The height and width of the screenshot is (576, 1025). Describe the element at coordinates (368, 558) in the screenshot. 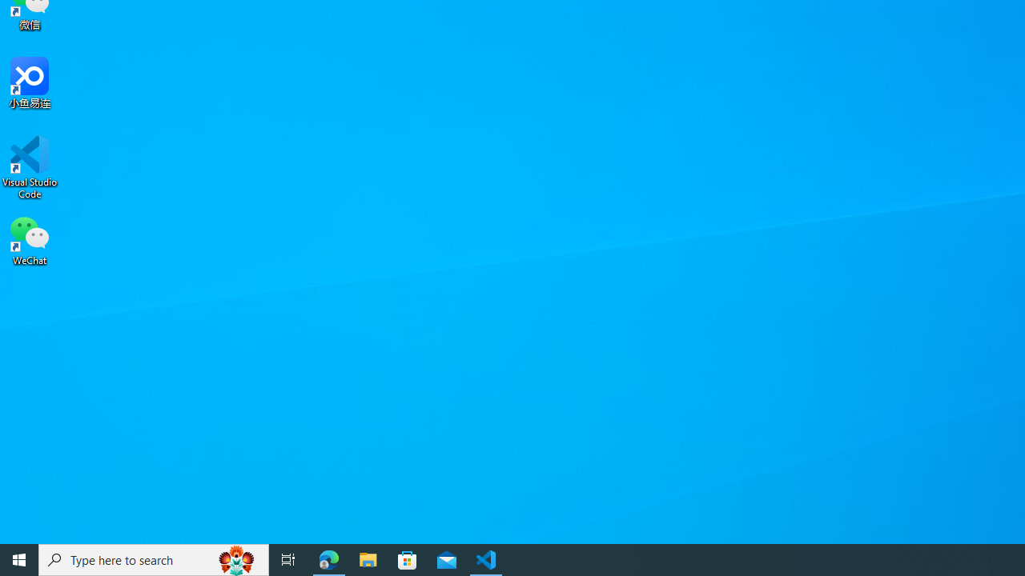

I see `'File Explorer'` at that location.